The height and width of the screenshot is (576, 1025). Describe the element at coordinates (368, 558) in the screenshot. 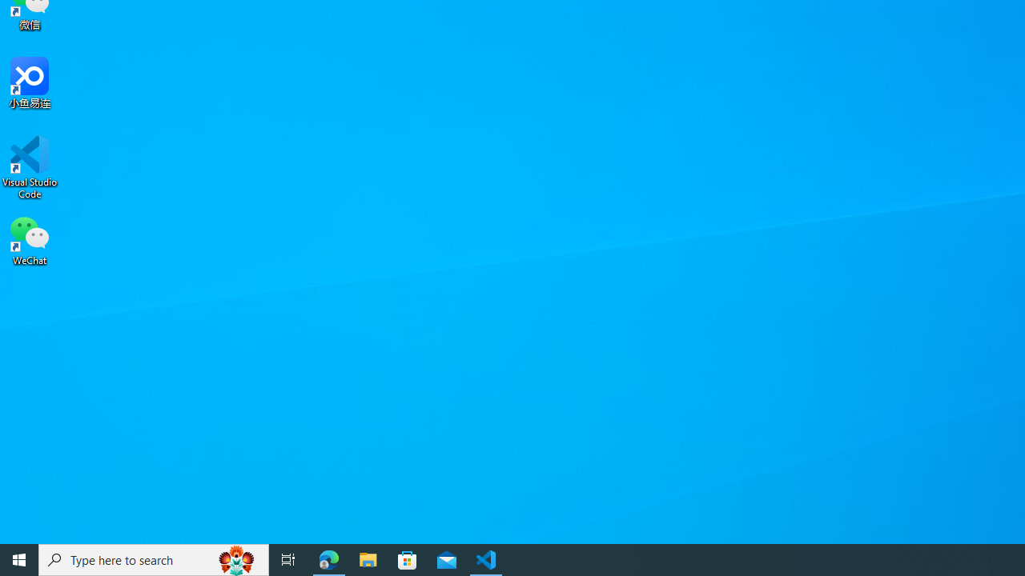

I see `'File Explorer'` at that location.